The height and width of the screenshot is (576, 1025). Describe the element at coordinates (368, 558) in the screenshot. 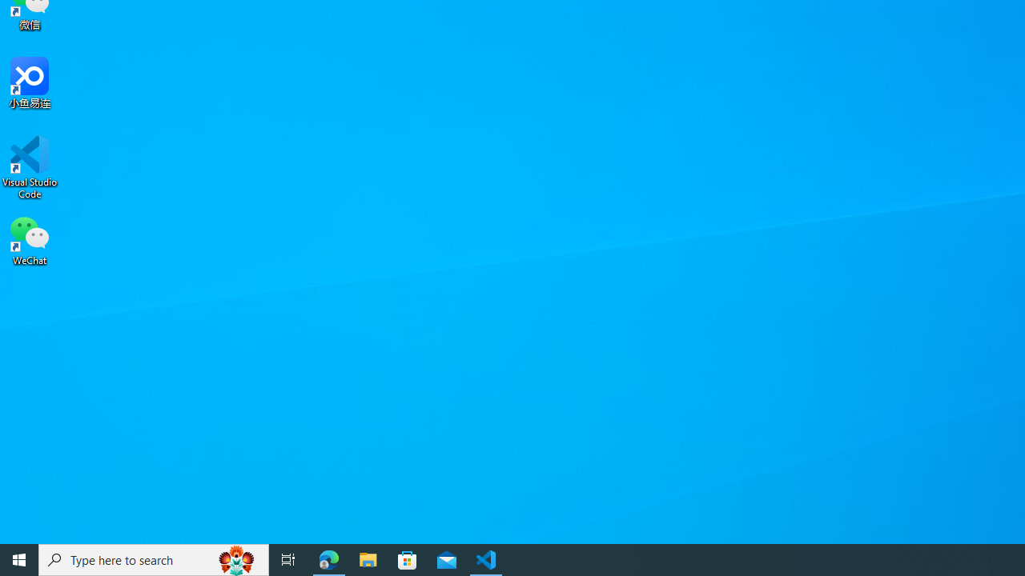

I see `'File Explorer'` at that location.